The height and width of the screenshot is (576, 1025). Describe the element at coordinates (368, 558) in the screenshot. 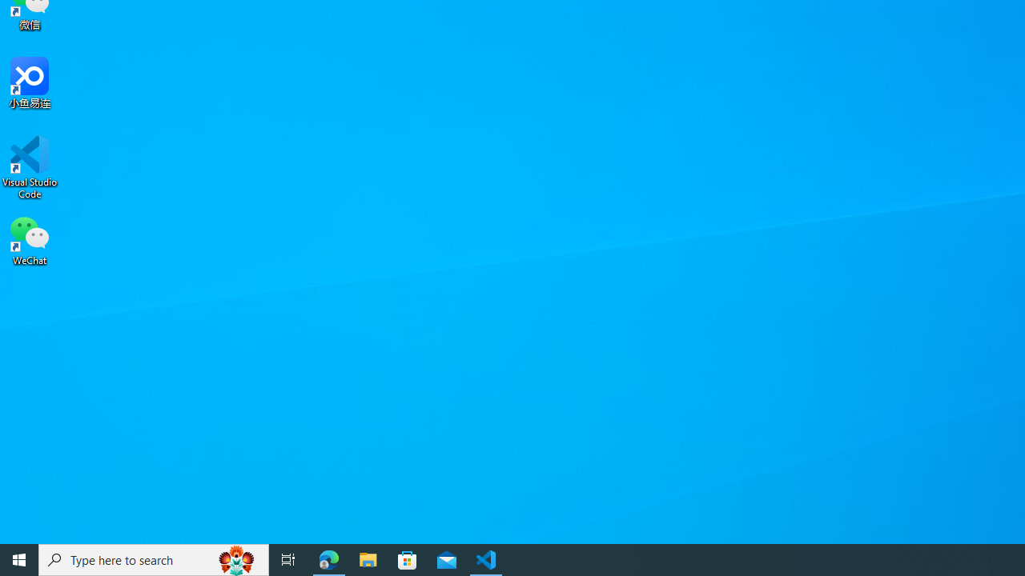

I see `'File Explorer'` at that location.